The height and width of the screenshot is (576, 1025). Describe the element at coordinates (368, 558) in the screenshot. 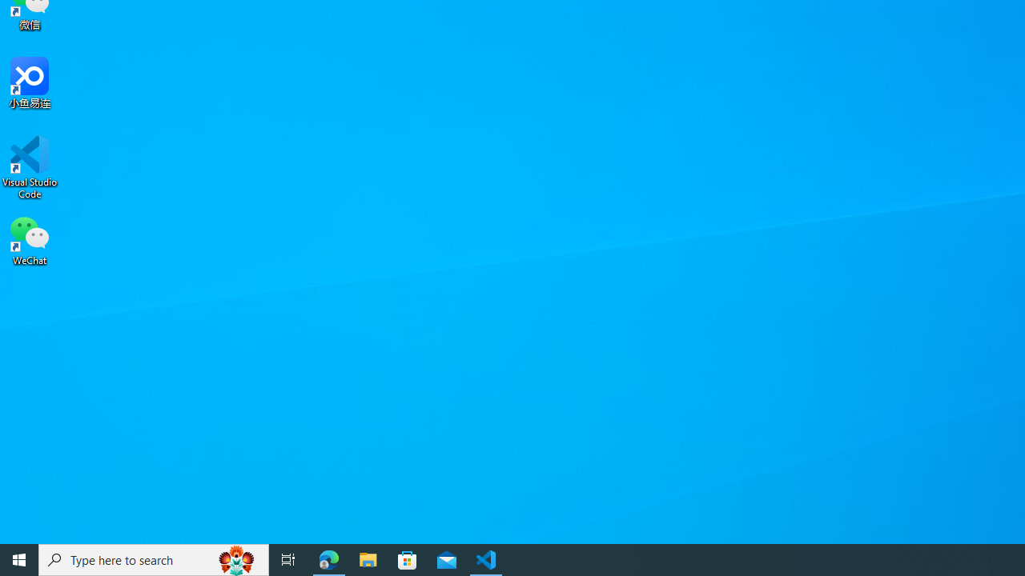

I see `'File Explorer'` at that location.